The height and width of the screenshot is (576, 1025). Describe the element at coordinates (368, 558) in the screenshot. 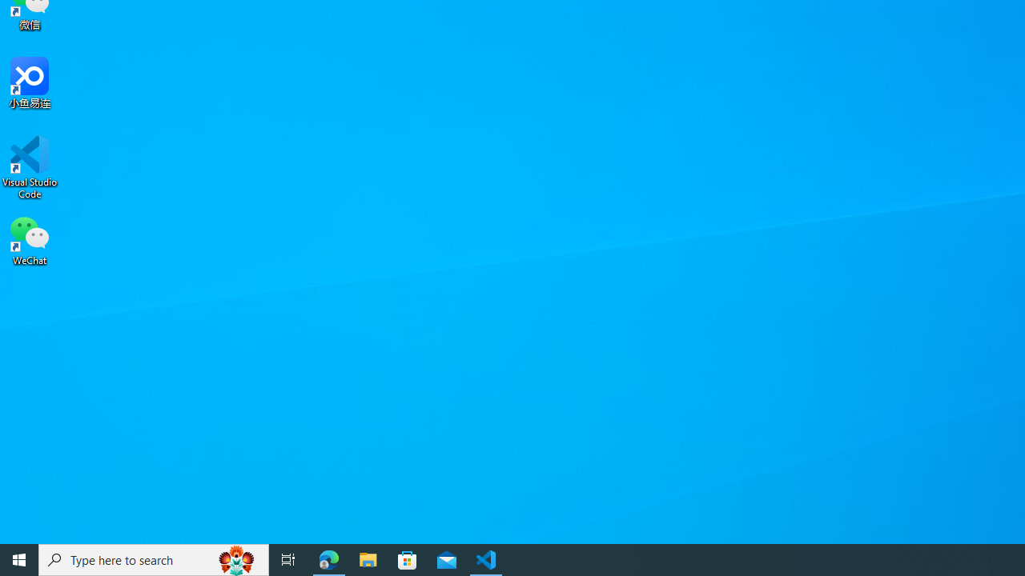

I see `'File Explorer'` at that location.